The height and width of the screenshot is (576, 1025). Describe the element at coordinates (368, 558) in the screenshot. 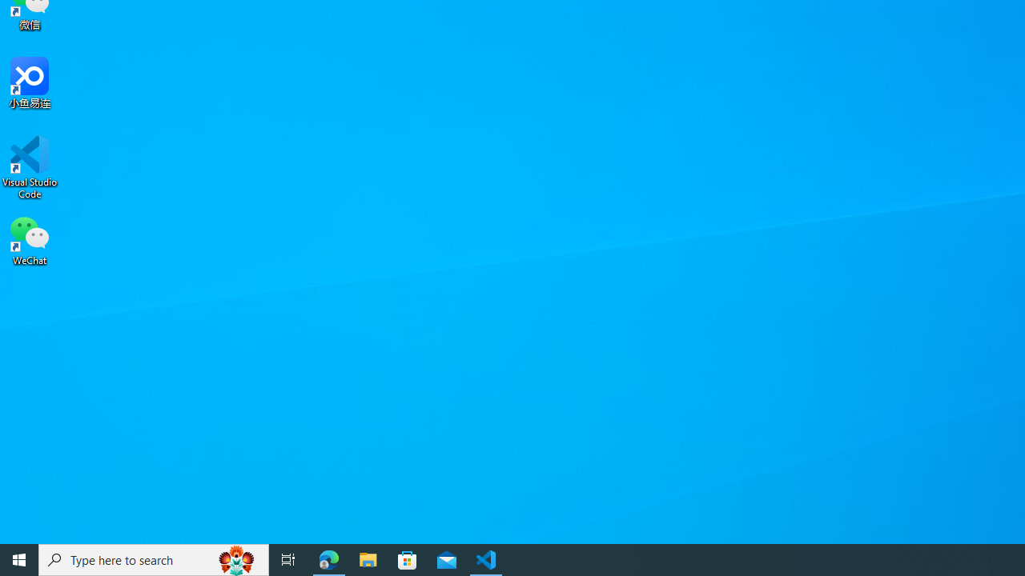

I see `'File Explorer'` at that location.